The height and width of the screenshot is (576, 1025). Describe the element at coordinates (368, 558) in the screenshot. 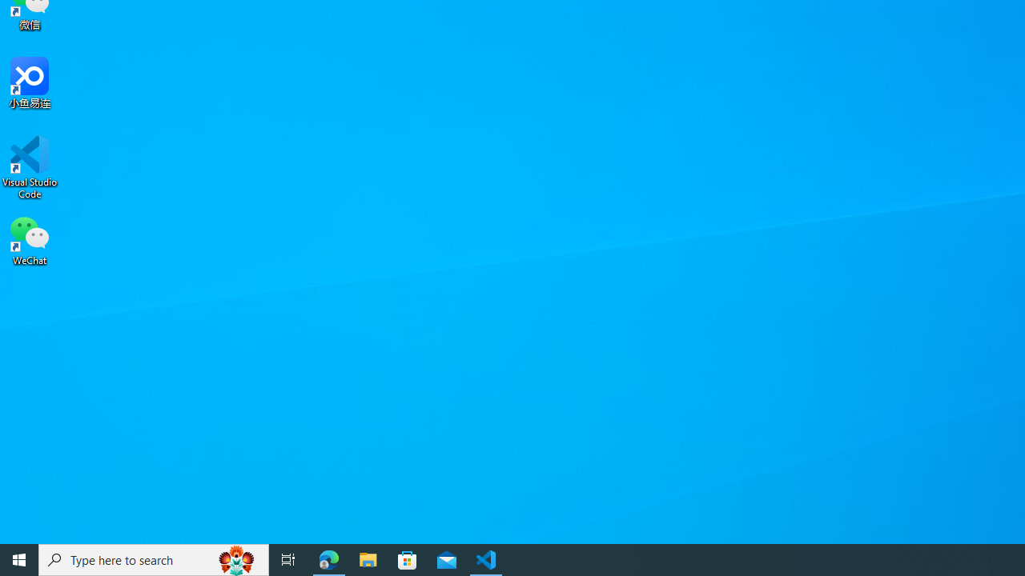

I see `'File Explorer'` at that location.